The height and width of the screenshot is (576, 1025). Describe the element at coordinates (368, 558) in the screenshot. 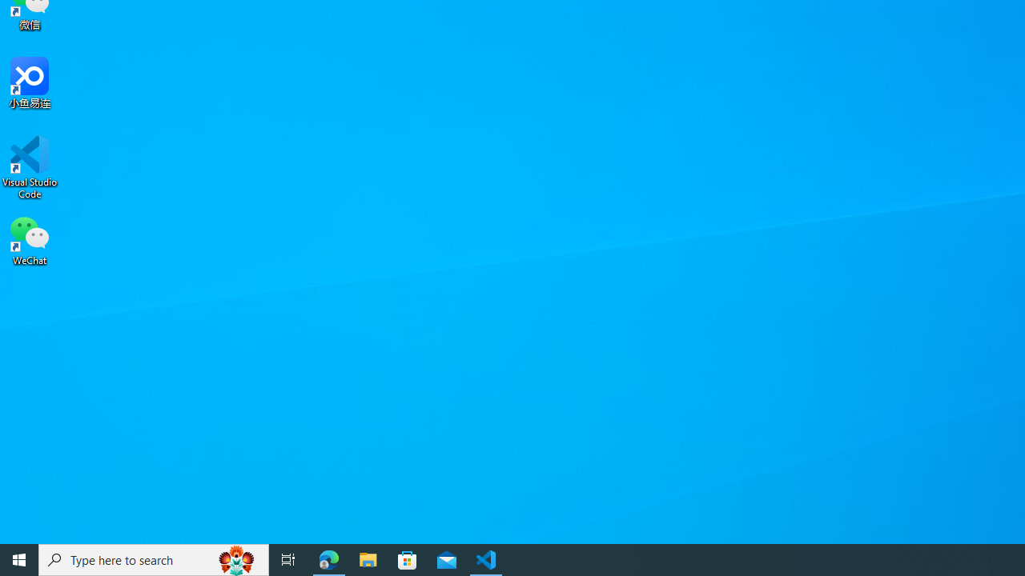

I see `'File Explorer'` at that location.